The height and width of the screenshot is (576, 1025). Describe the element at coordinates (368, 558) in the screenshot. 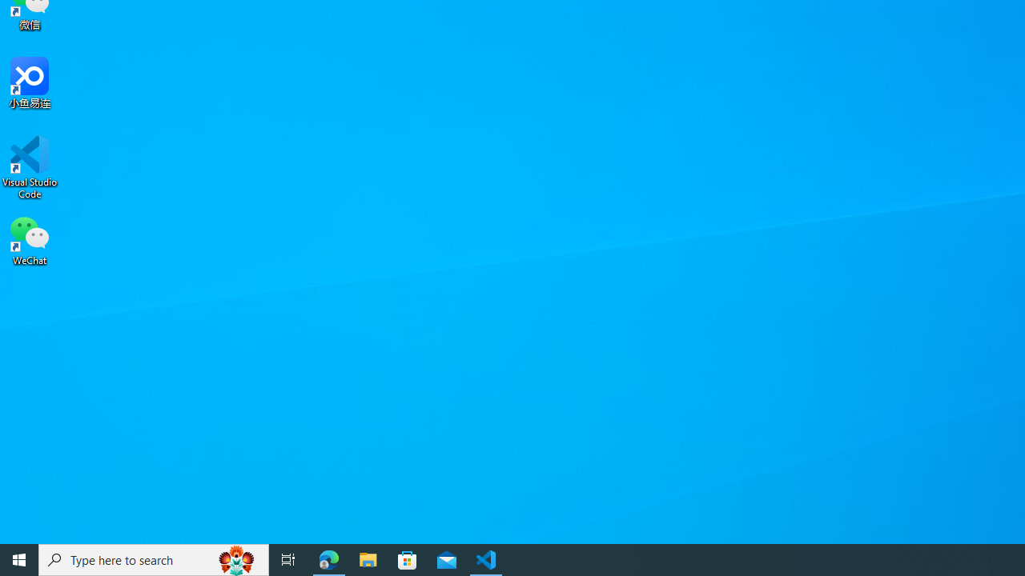

I see `'File Explorer'` at that location.